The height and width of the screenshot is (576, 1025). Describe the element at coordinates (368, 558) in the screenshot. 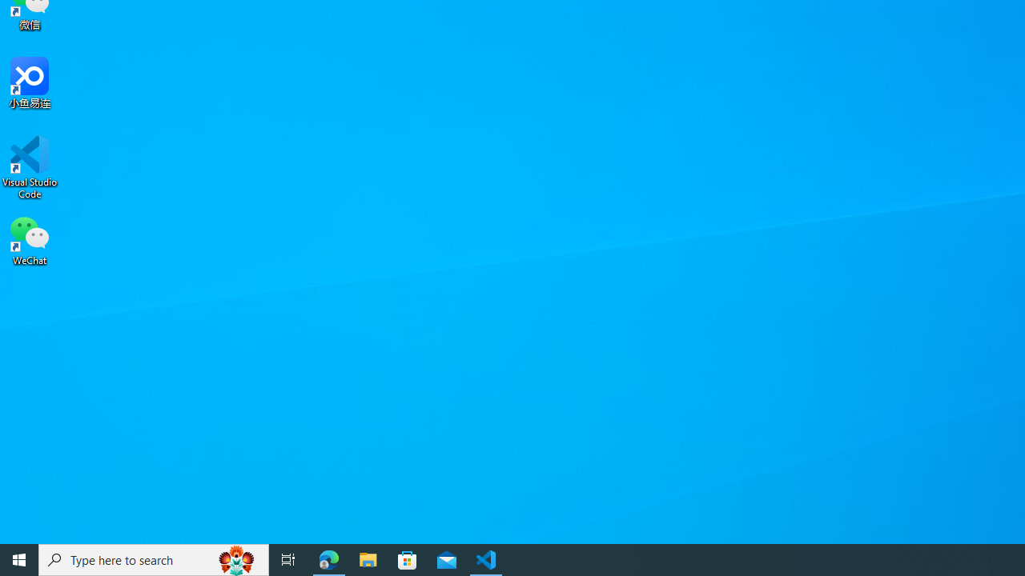

I see `'File Explorer'` at that location.